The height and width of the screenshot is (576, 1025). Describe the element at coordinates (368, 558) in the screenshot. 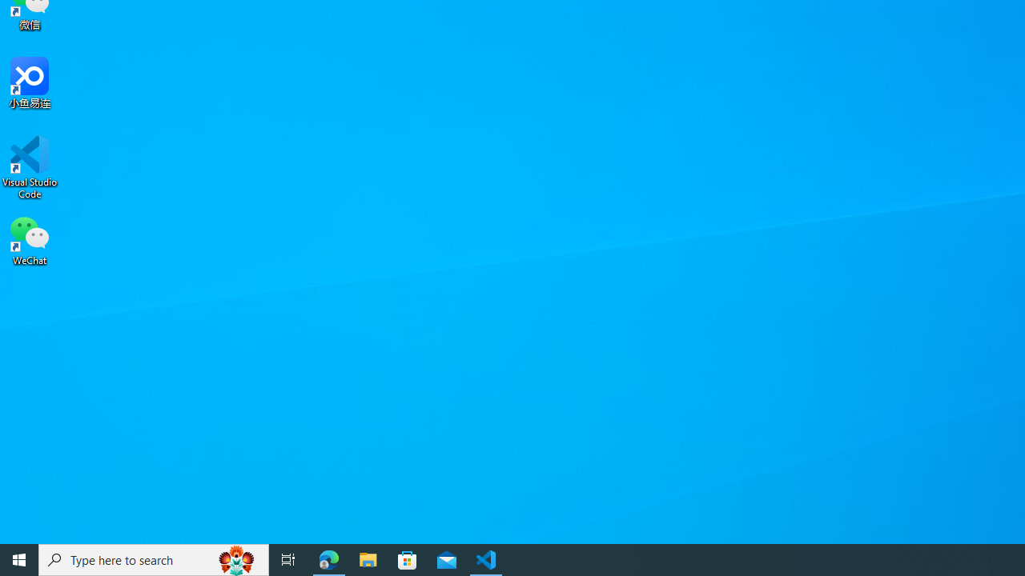

I see `'File Explorer'` at that location.